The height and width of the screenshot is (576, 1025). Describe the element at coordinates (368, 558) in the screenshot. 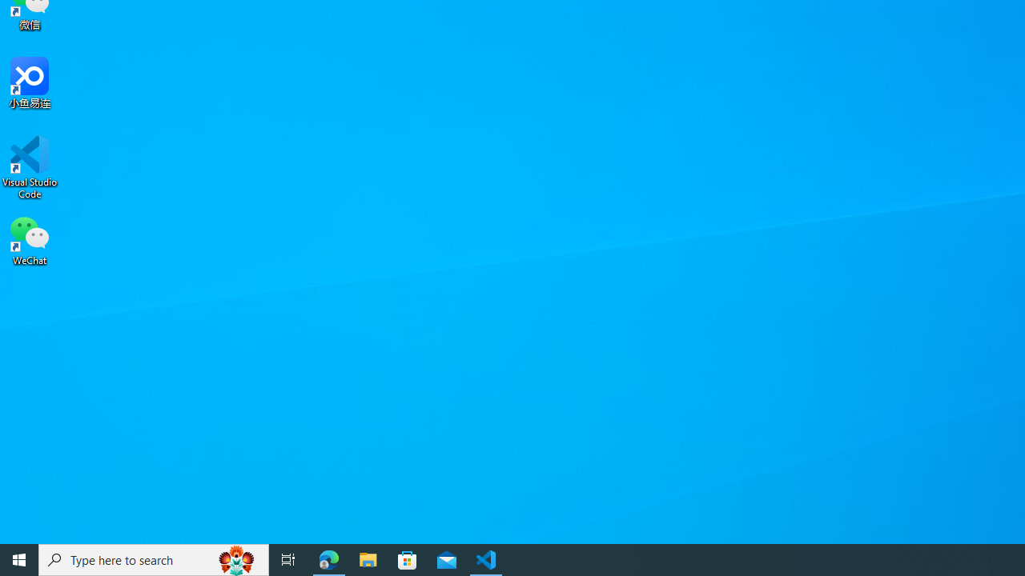

I see `'File Explorer'` at that location.